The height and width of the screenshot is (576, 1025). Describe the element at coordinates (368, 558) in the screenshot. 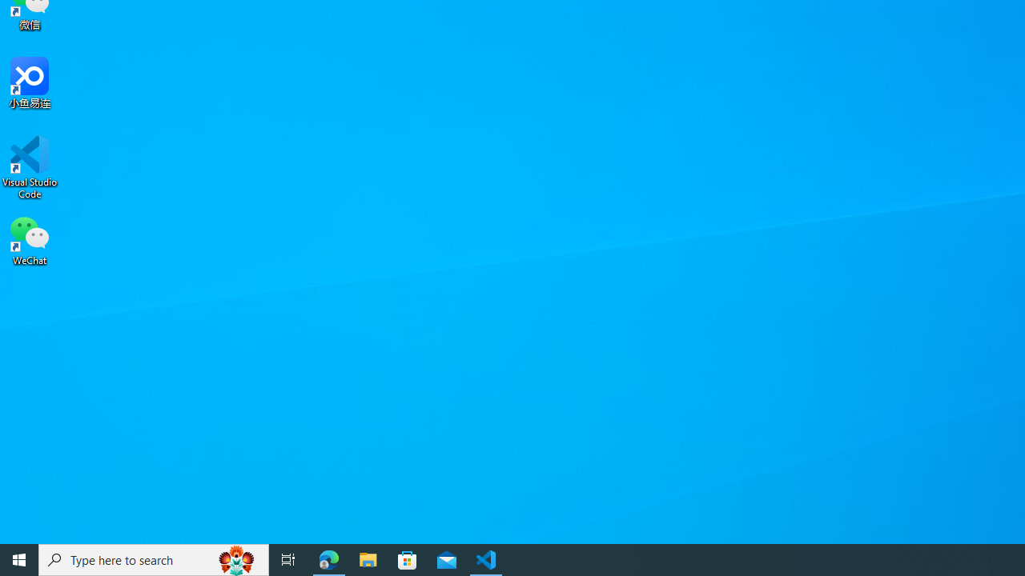

I see `'File Explorer'` at that location.